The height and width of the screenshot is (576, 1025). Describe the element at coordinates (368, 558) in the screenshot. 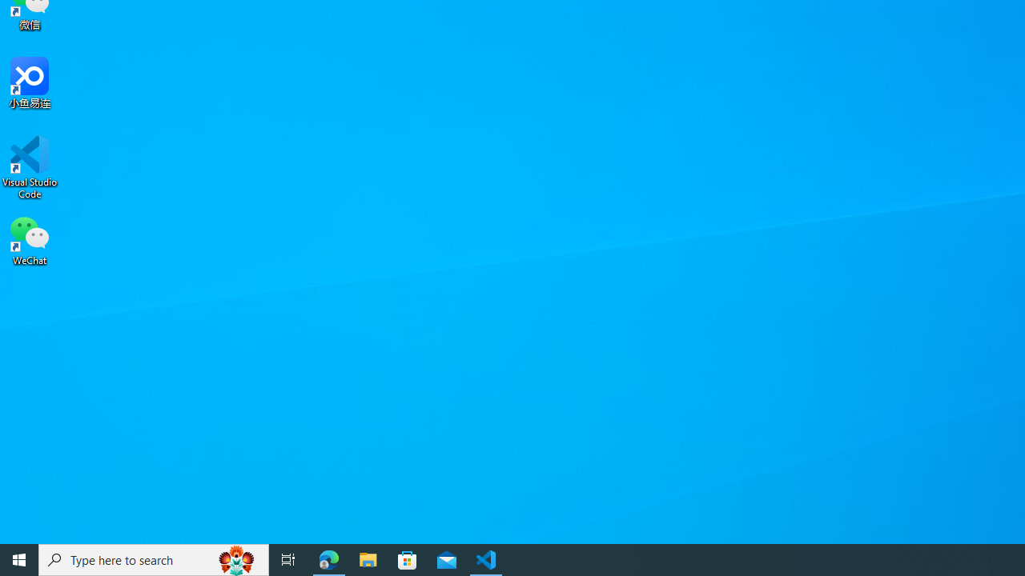

I see `'File Explorer'` at that location.